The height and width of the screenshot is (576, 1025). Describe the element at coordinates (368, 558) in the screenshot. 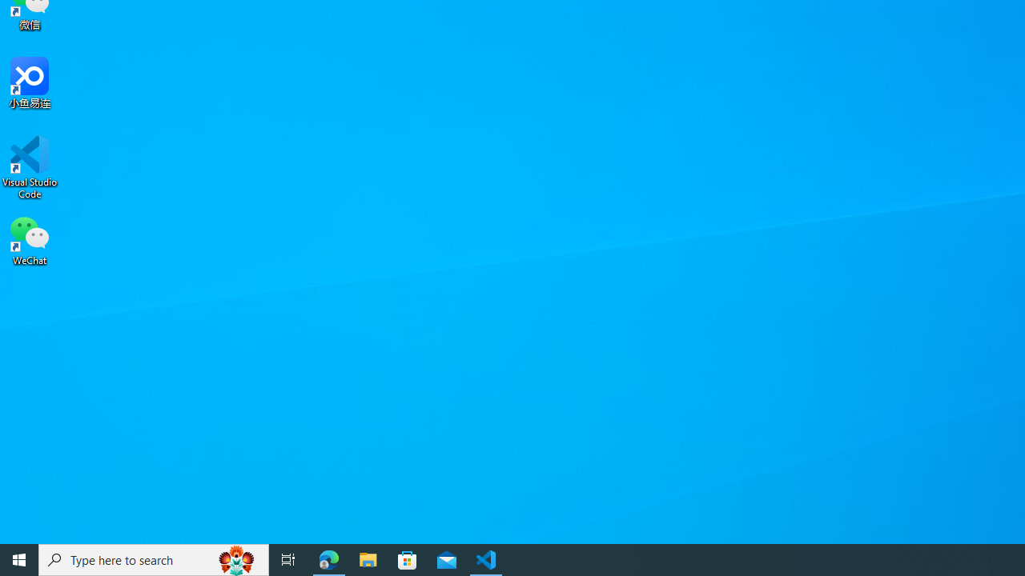

I see `'File Explorer'` at that location.